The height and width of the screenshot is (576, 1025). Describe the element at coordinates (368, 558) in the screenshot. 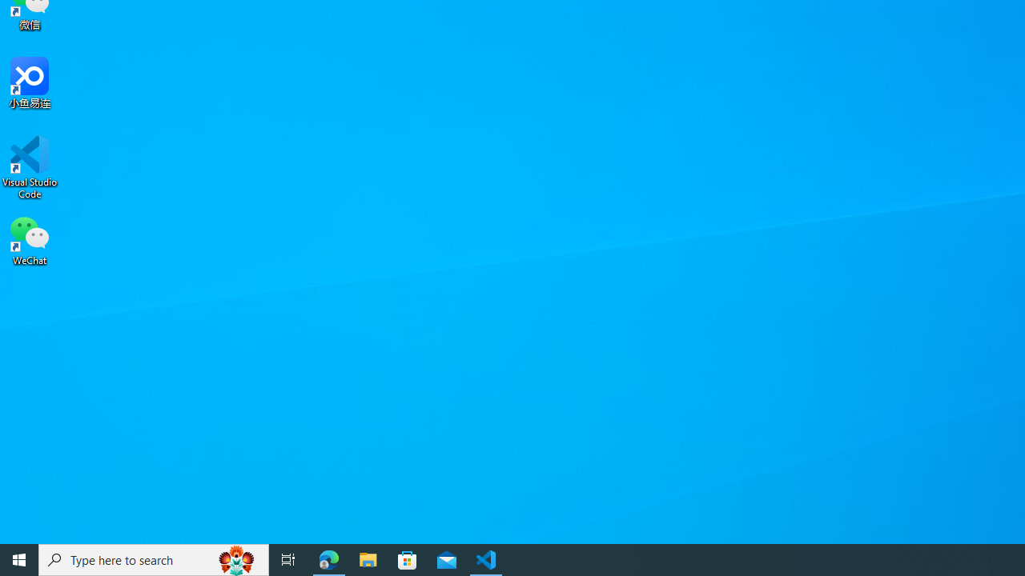

I see `'File Explorer'` at that location.